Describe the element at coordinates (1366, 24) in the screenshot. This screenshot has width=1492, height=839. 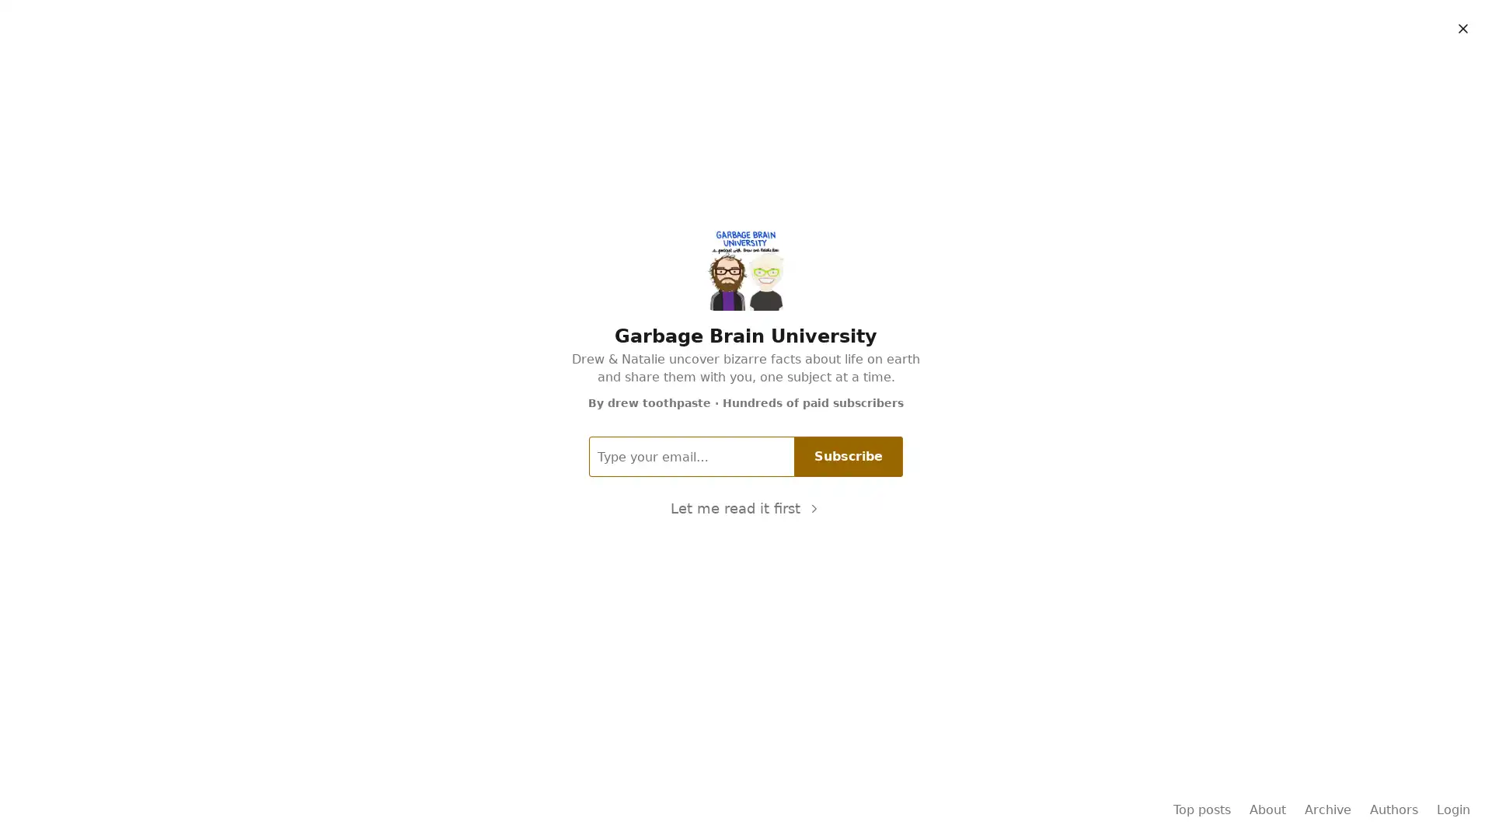
I see `Subscribe` at that location.